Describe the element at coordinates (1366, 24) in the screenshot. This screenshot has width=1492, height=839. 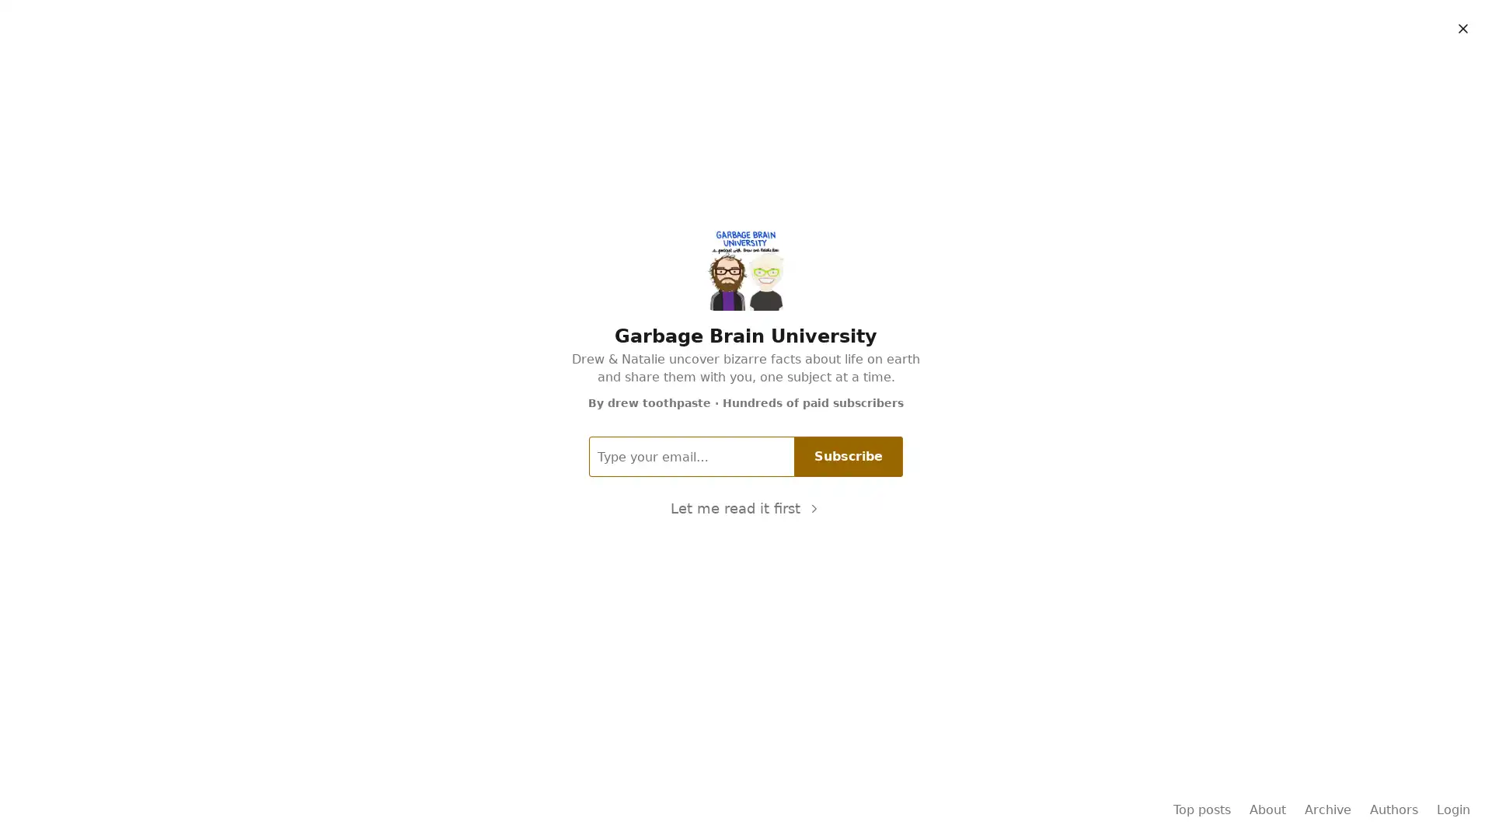
I see `Subscribe` at that location.